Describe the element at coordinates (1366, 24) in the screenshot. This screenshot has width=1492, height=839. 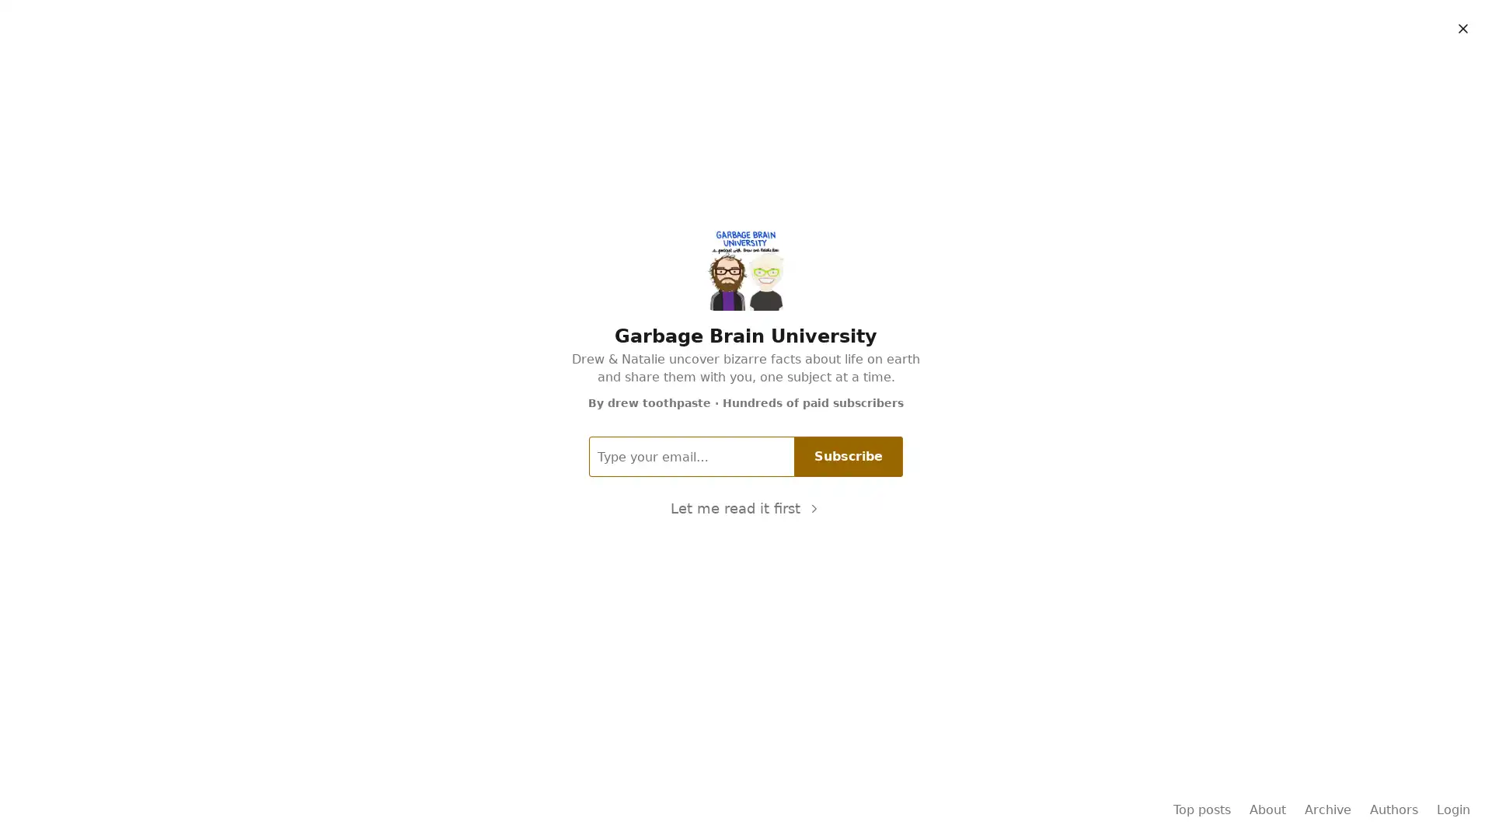
I see `Subscribe` at that location.